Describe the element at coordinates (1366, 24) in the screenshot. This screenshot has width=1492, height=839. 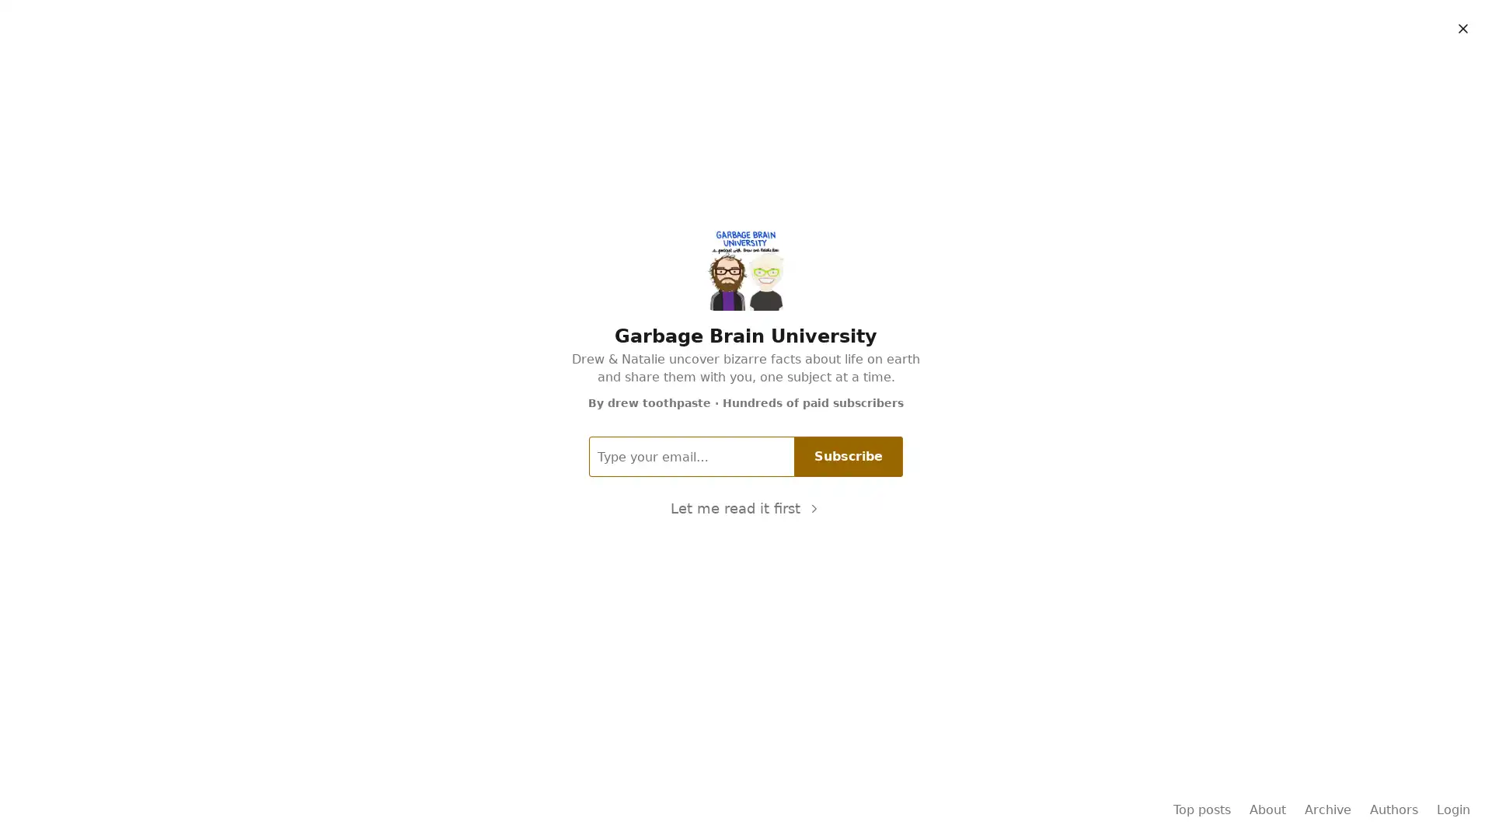
I see `Subscribe` at that location.